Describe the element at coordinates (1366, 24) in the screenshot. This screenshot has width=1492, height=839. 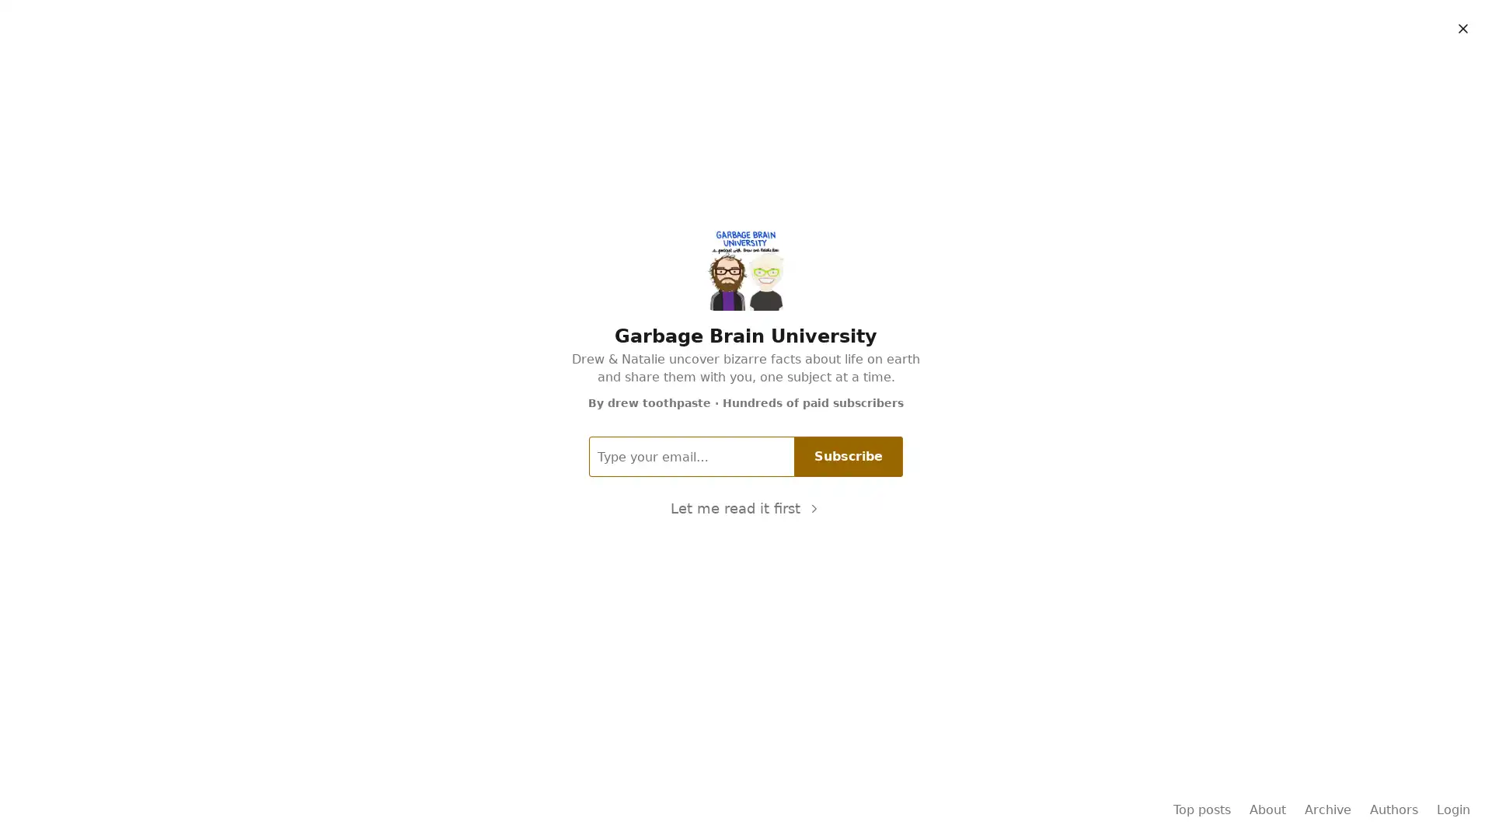
I see `Subscribe` at that location.